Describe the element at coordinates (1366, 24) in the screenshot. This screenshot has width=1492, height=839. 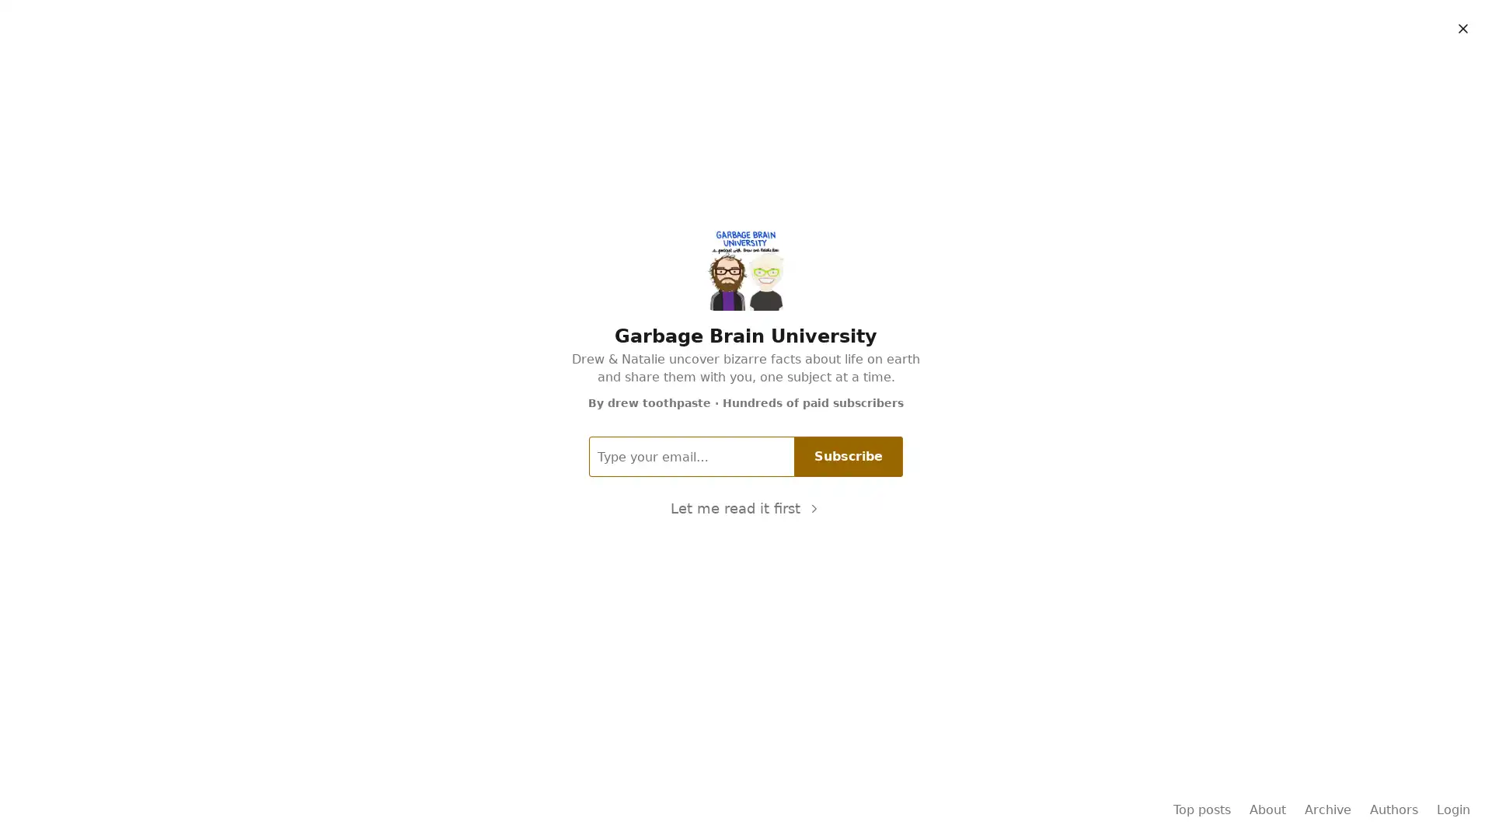
I see `Subscribe` at that location.